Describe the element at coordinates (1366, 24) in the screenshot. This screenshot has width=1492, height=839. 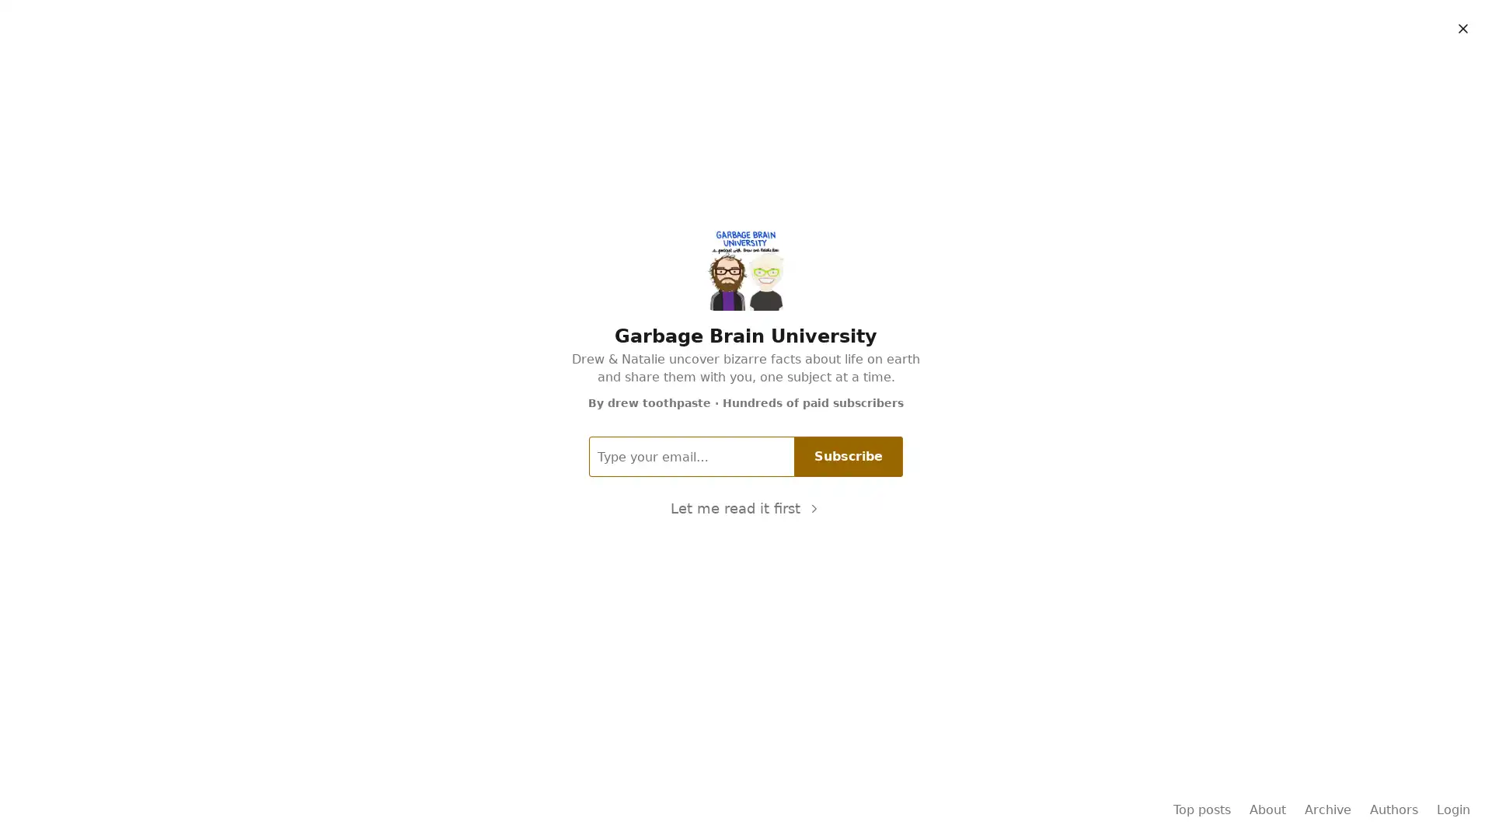
I see `Subscribe` at that location.